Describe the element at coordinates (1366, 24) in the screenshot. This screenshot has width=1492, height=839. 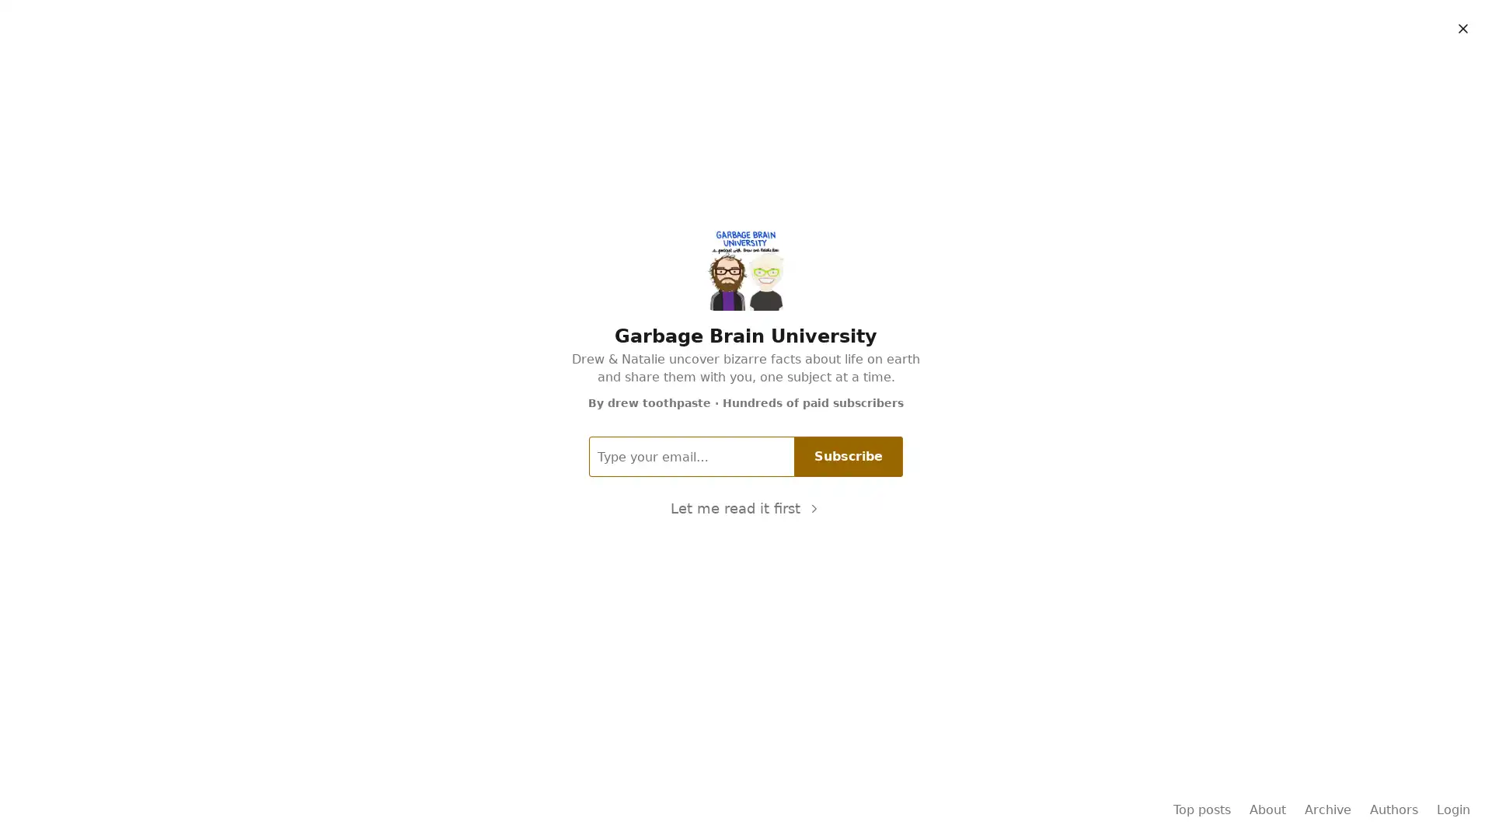
I see `Subscribe` at that location.